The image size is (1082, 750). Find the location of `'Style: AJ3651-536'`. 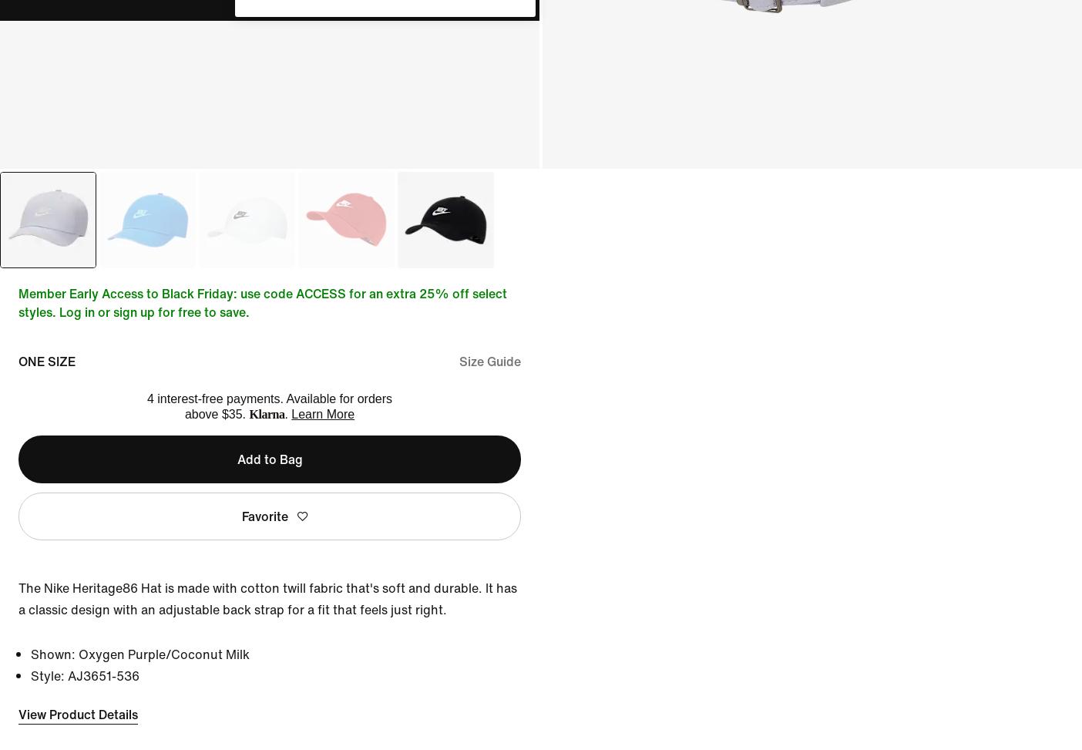

'Style: AJ3651-536' is located at coordinates (84, 675).